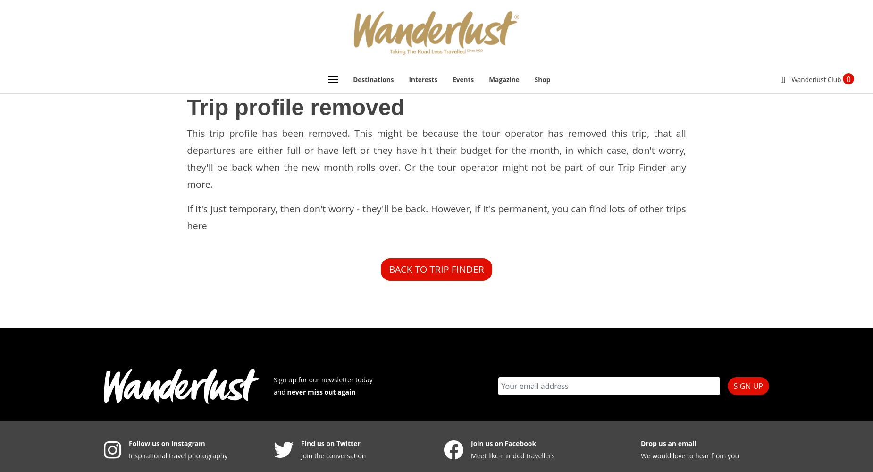 The width and height of the screenshot is (873, 472). What do you see at coordinates (166, 443) in the screenshot?
I see `'Follow us on Instagram'` at bounding box center [166, 443].